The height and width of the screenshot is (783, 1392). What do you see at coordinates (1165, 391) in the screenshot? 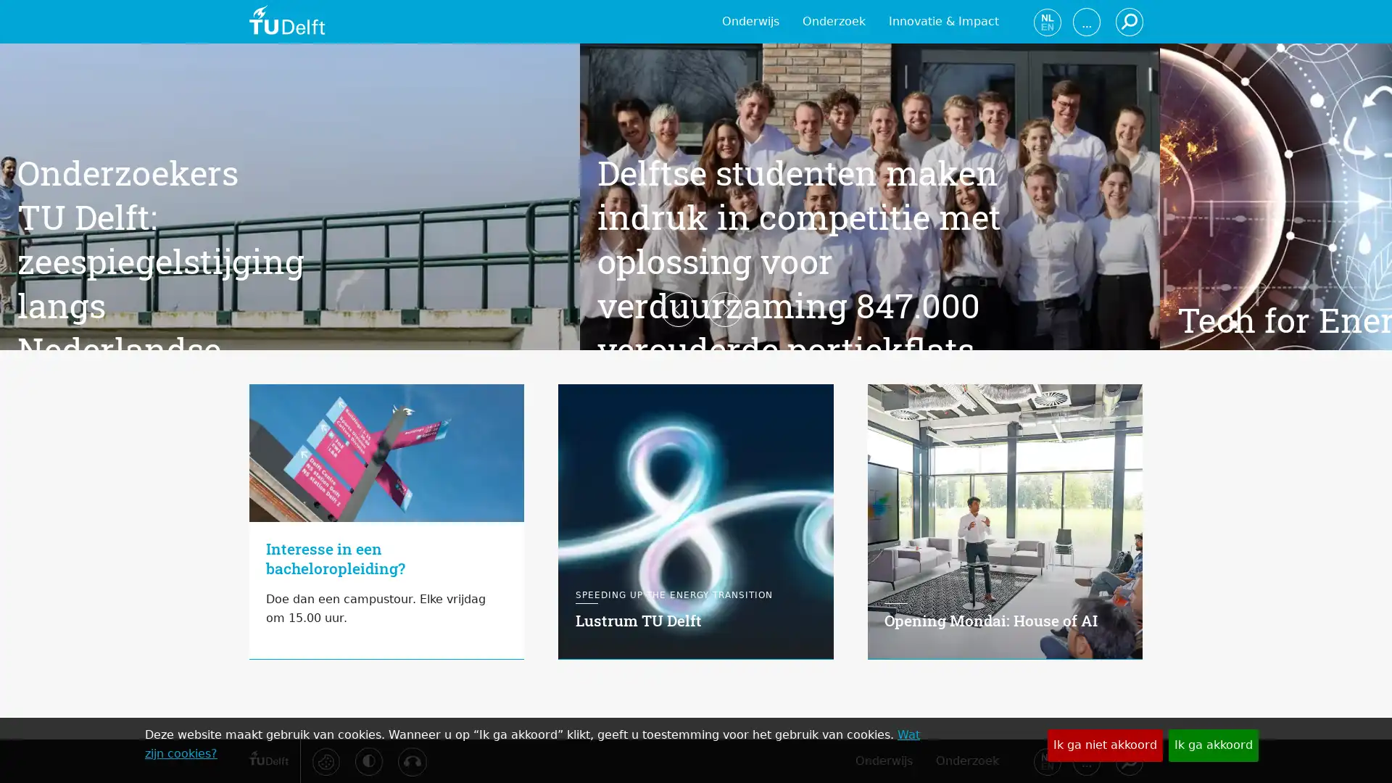
I see `Ga naar volgend item` at bounding box center [1165, 391].